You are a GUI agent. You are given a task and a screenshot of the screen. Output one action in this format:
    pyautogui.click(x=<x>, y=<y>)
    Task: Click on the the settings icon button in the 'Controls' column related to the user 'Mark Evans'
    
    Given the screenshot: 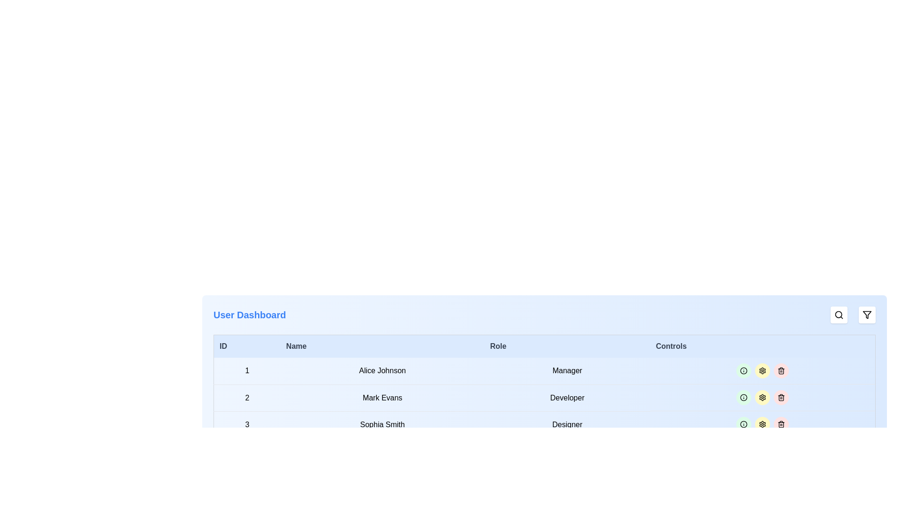 What is the action you would take?
    pyautogui.click(x=763, y=424)
    